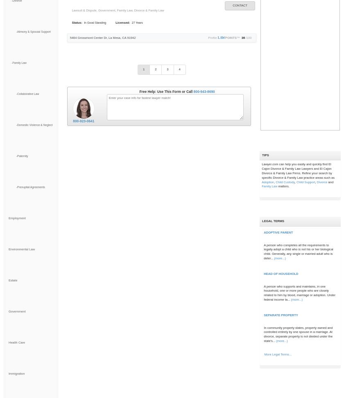  I want to click on '5464 Grossmont Center Dr', so click(88, 37).